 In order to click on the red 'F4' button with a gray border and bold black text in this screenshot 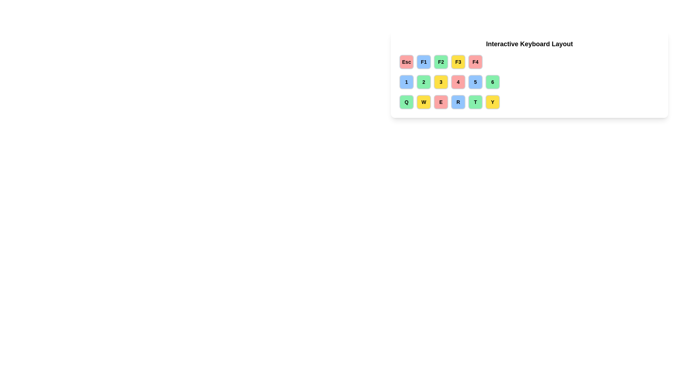, I will do `click(475, 62)`.